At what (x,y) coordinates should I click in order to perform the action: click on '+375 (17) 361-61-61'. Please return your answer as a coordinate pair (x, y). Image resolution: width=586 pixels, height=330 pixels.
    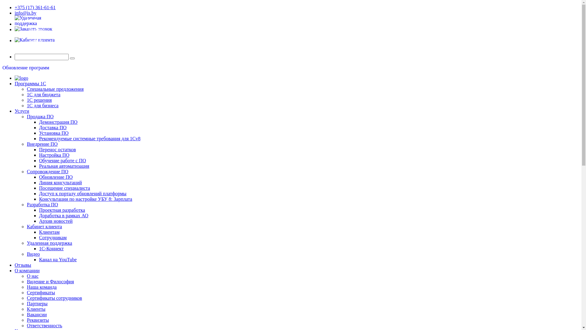
    Looking at the image, I should click on (35, 7).